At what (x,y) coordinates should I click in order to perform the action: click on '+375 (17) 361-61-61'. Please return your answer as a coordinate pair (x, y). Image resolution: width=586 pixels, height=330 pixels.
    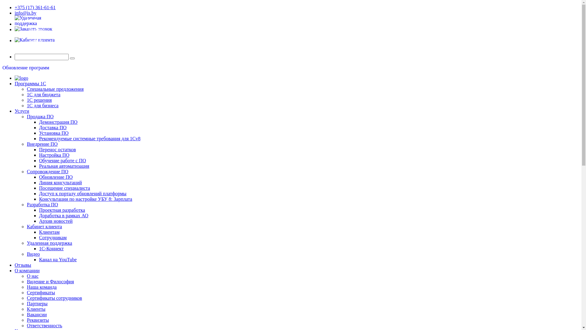
    Looking at the image, I should click on (35, 7).